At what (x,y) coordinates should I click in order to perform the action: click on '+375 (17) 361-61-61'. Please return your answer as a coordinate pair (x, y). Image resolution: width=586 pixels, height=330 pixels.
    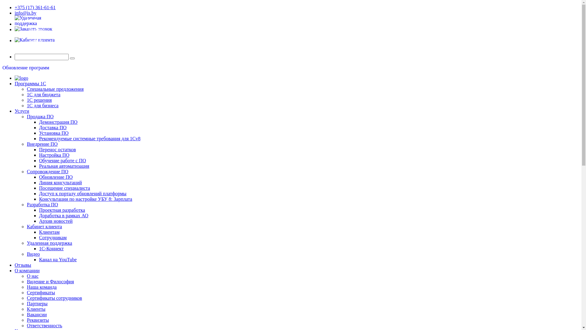
    Looking at the image, I should click on (35, 7).